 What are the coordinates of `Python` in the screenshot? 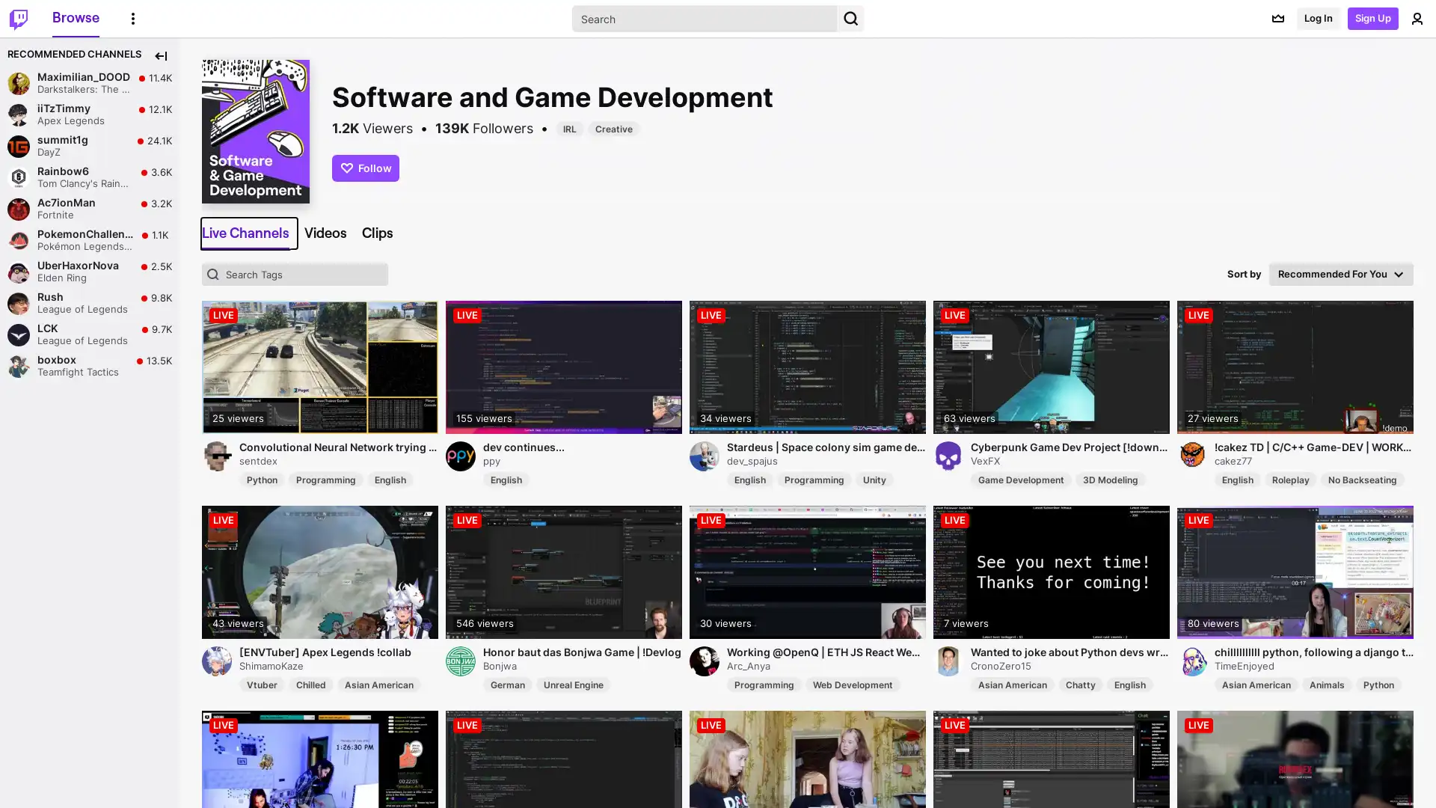 It's located at (1378, 684).